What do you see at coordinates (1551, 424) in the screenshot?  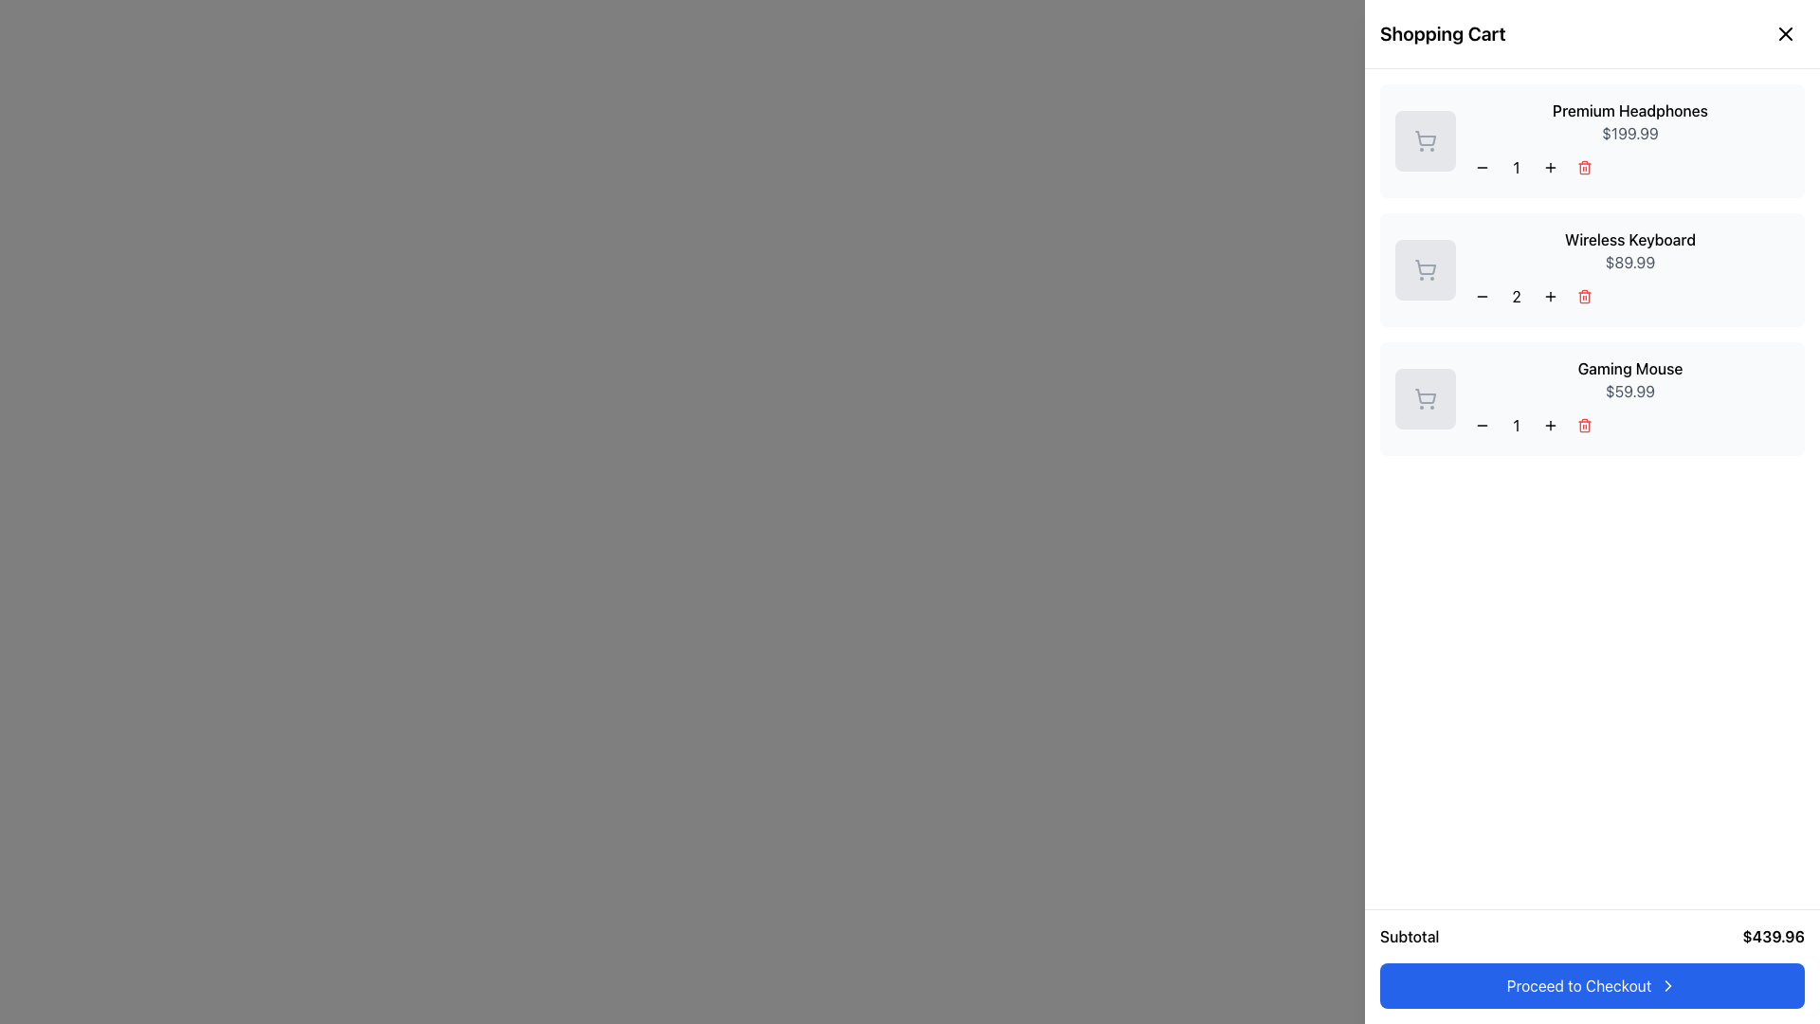 I see `the '+' button for increasing the quantity of the 'Gaming Mouse' in the shopping cart view` at bounding box center [1551, 424].